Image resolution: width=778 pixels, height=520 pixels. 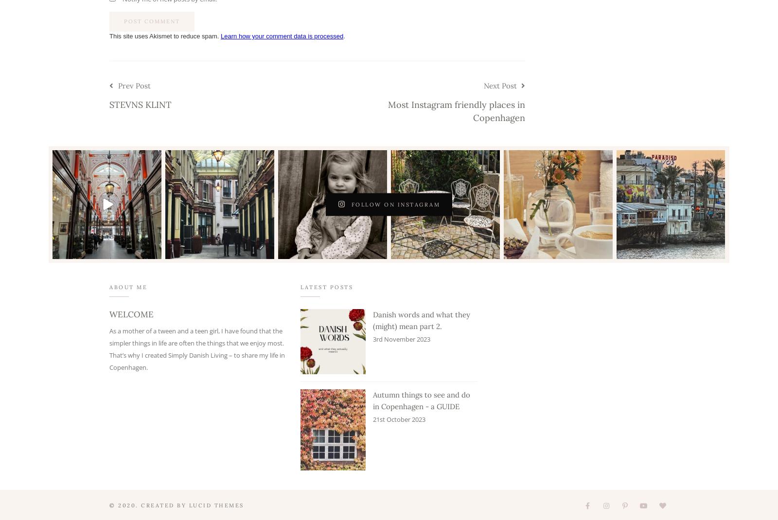 What do you see at coordinates (421, 320) in the screenshot?
I see `'Danish words and what they (might) mean part 2.'` at bounding box center [421, 320].